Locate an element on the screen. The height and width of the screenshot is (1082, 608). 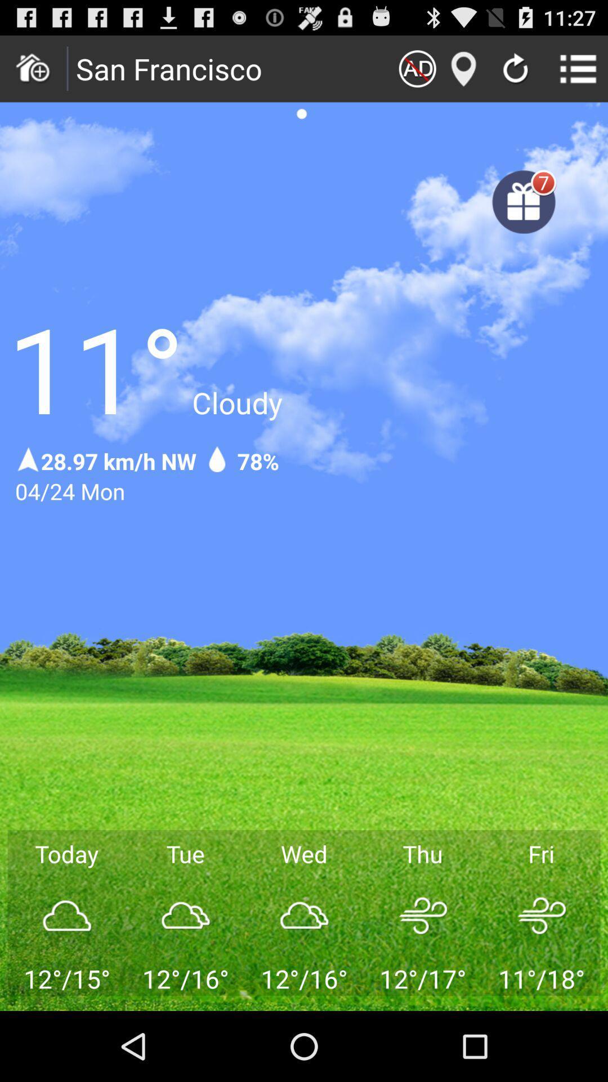
the font icon is located at coordinates (417, 73).